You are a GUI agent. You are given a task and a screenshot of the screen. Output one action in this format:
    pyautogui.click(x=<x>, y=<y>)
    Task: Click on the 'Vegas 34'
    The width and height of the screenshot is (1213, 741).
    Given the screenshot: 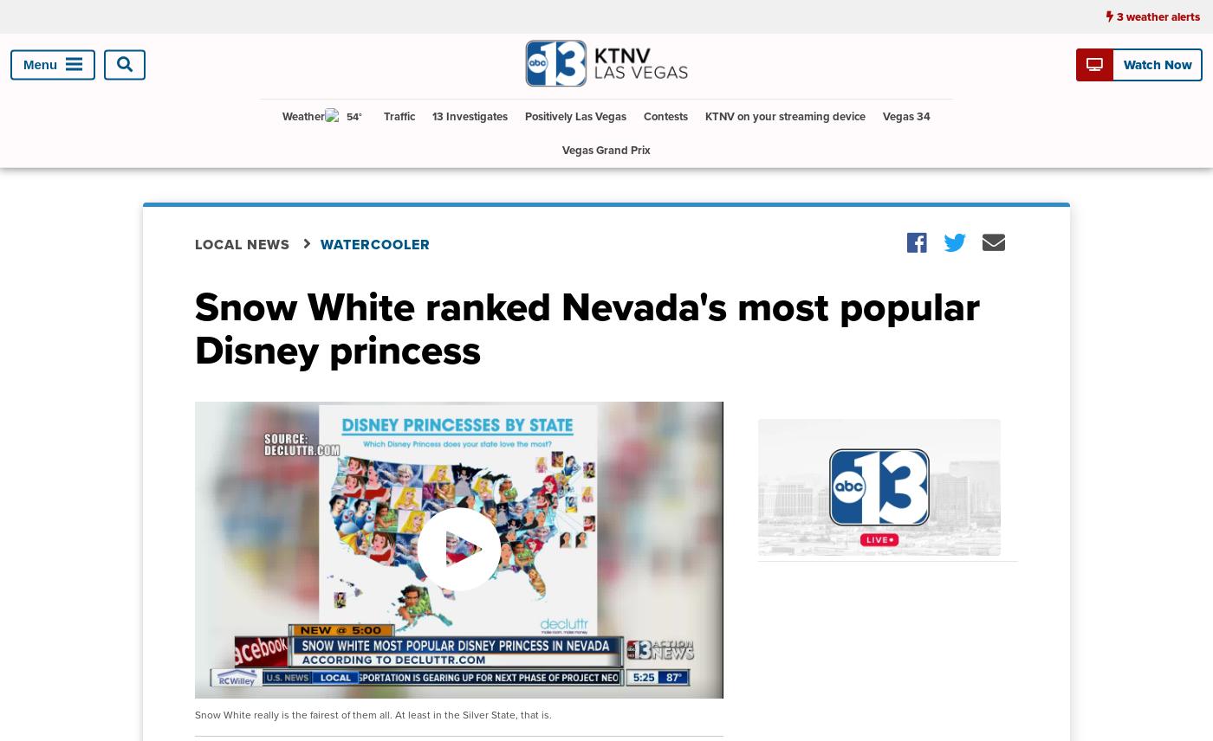 What is the action you would take?
    pyautogui.click(x=906, y=115)
    